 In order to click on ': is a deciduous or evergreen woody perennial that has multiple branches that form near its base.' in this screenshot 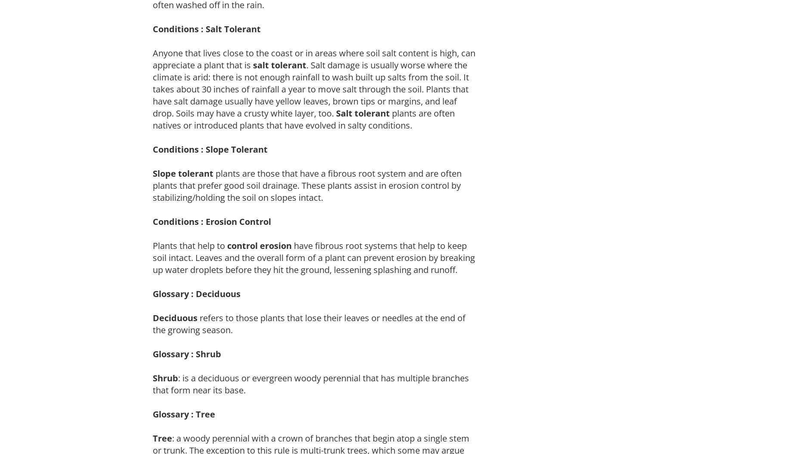, I will do `click(311, 383)`.